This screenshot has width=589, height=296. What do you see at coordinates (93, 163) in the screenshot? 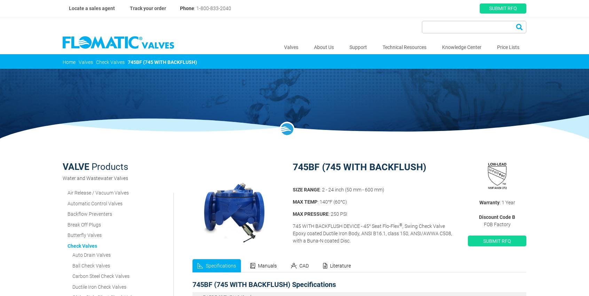
I see `'Swing Check Valves'` at bounding box center [93, 163].